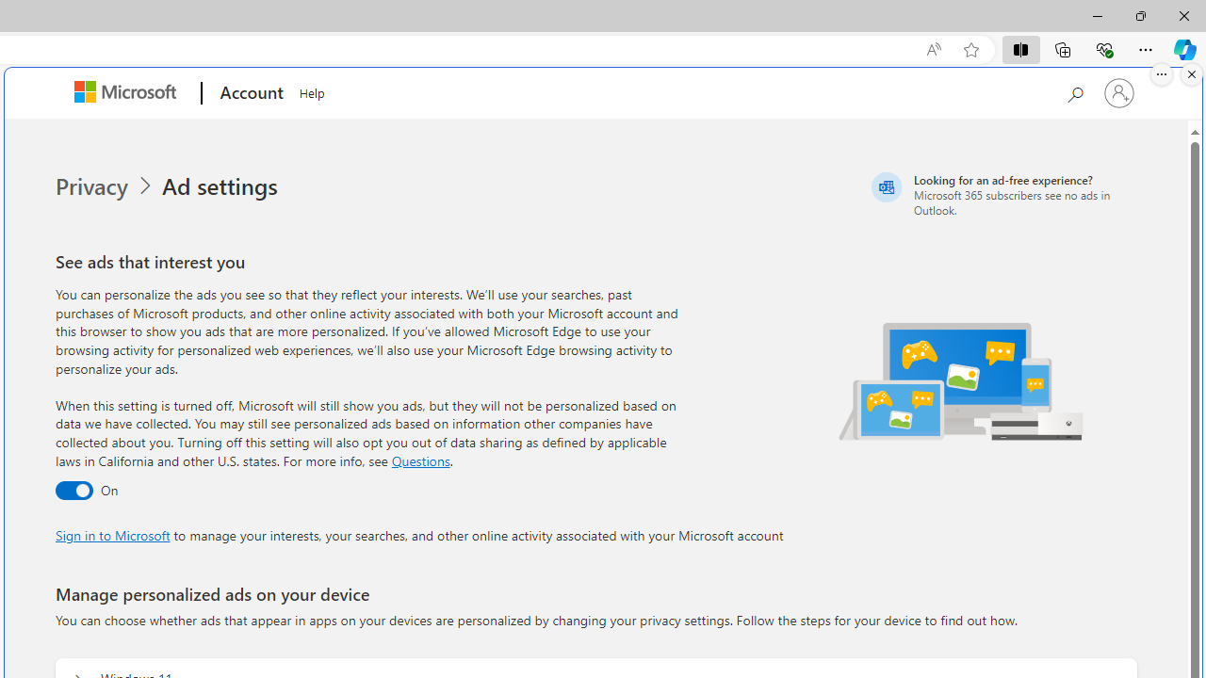  Describe the element at coordinates (222, 186) in the screenshot. I see `'Ad settings'` at that location.